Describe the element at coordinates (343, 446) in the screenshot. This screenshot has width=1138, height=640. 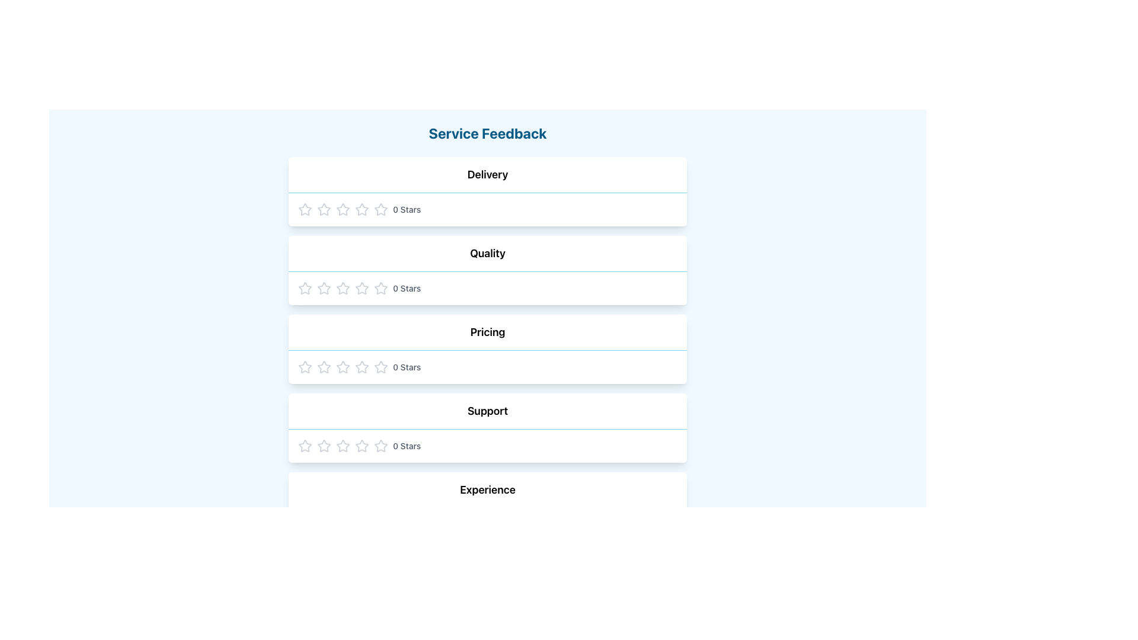
I see `over the fourth star icon in the 'Support' section of the service feedback form` at that location.